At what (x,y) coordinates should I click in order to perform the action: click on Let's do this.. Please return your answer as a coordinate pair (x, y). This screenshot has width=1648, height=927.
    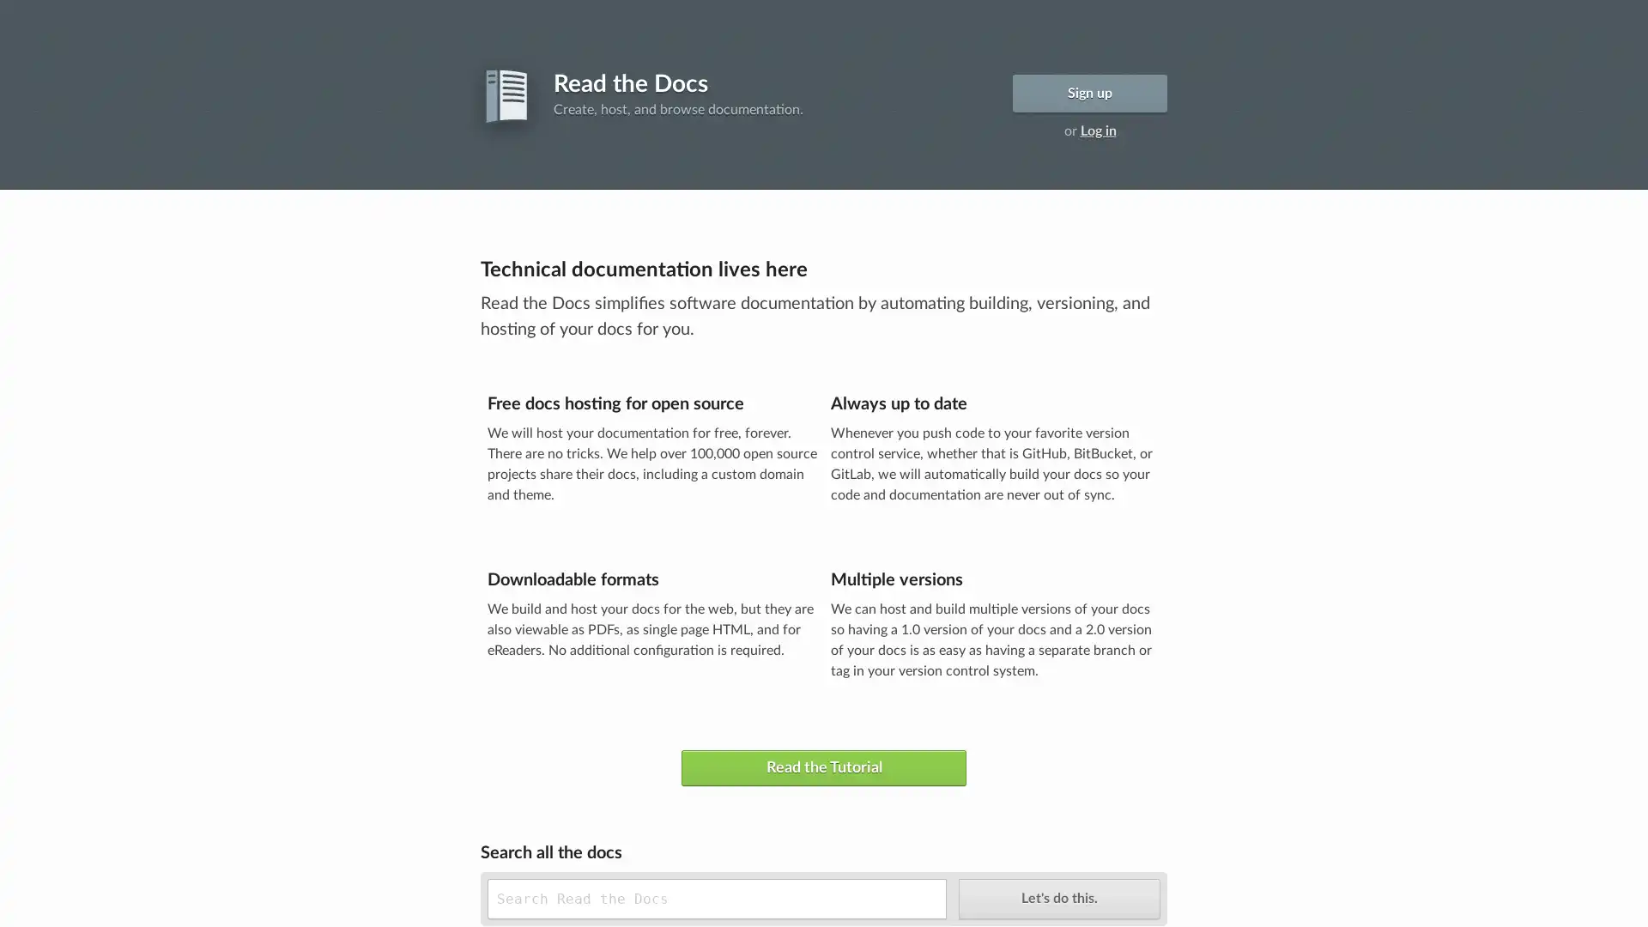
    Looking at the image, I should click on (1057, 897).